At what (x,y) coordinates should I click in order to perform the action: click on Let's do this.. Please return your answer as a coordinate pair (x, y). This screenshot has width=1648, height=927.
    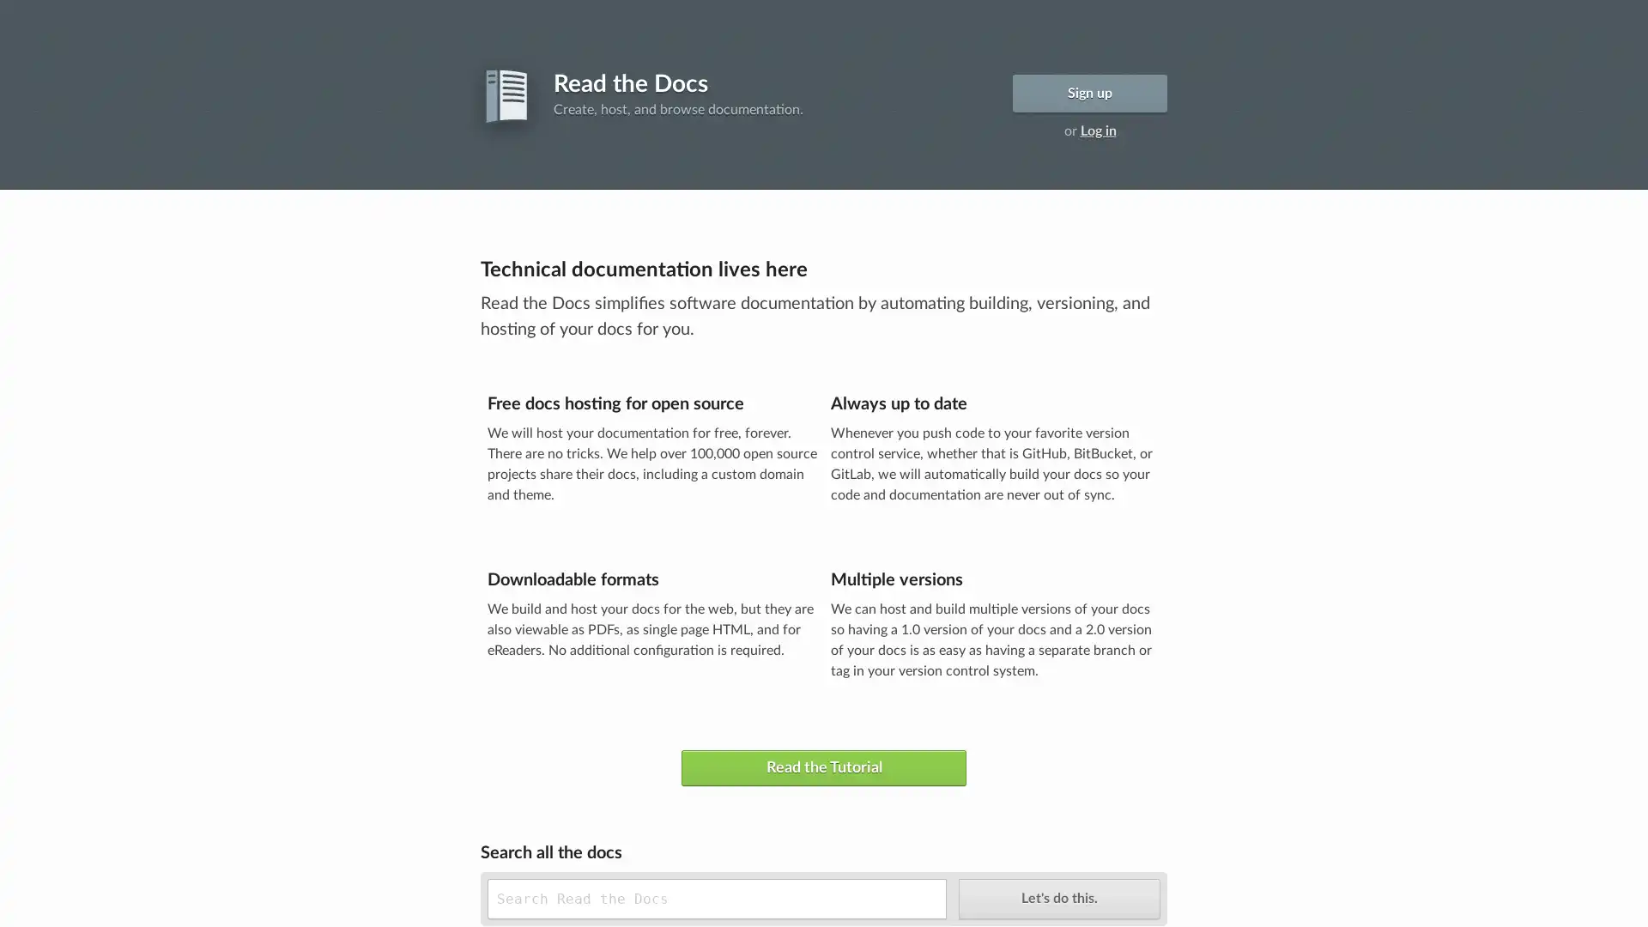
    Looking at the image, I should click on (1057, 897).